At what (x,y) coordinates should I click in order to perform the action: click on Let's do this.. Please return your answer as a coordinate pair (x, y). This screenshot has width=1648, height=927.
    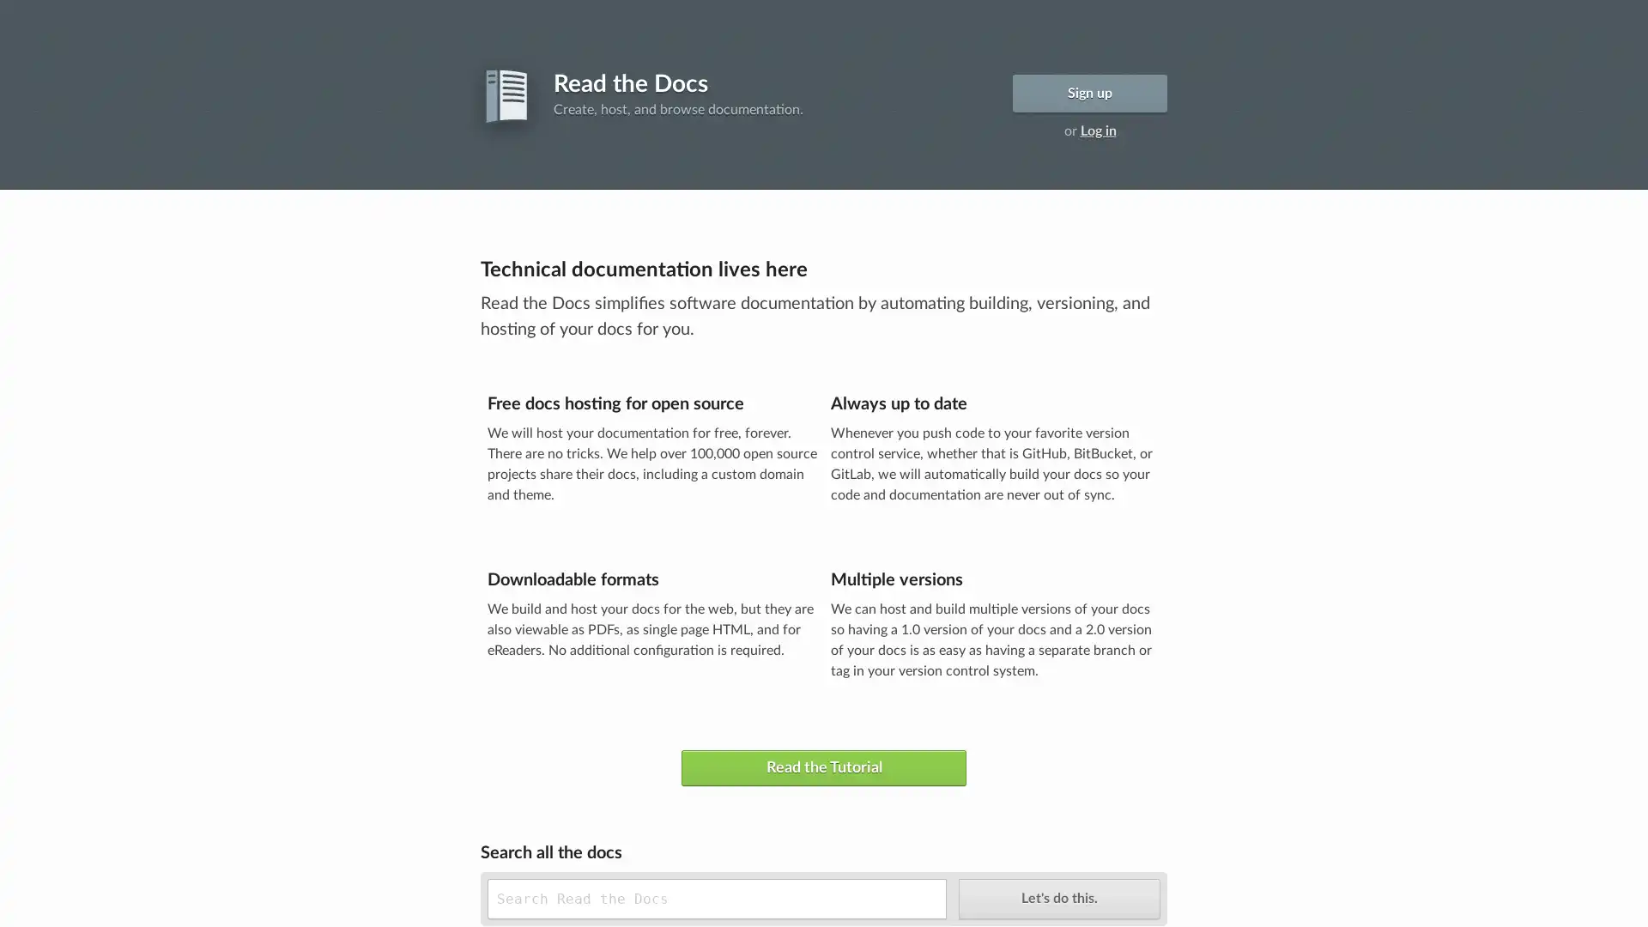
    Looking at the image, I should click on (1057, 897).